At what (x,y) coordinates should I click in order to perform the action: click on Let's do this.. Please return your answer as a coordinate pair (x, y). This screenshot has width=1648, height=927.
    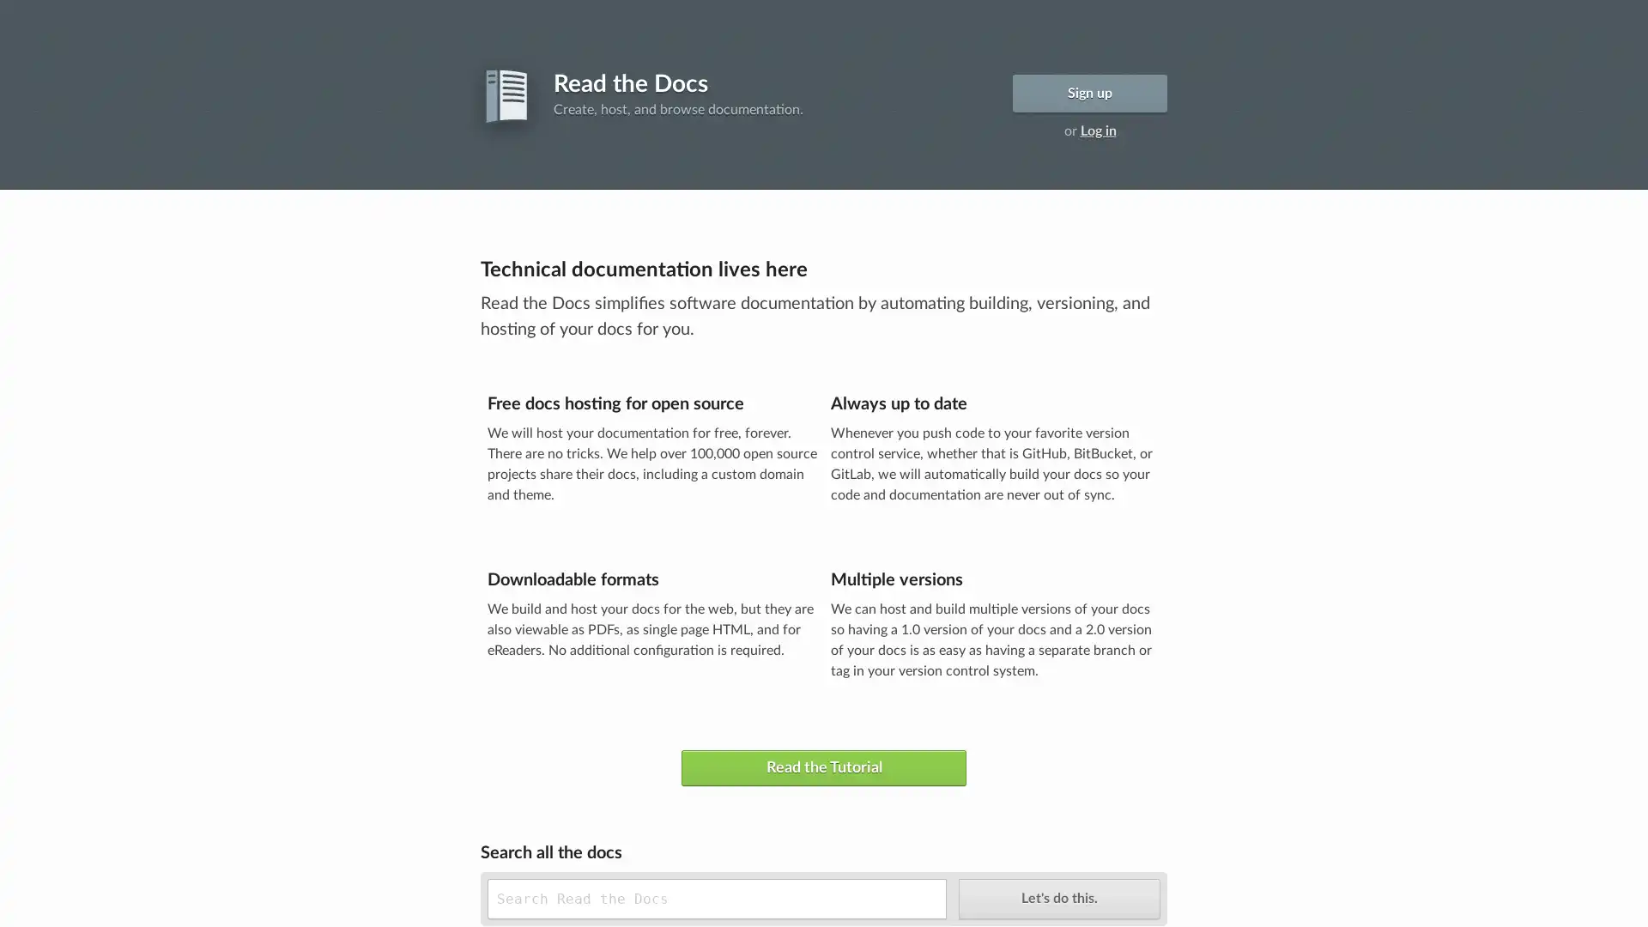
    Looking at the image, I should click on (1057, 897).